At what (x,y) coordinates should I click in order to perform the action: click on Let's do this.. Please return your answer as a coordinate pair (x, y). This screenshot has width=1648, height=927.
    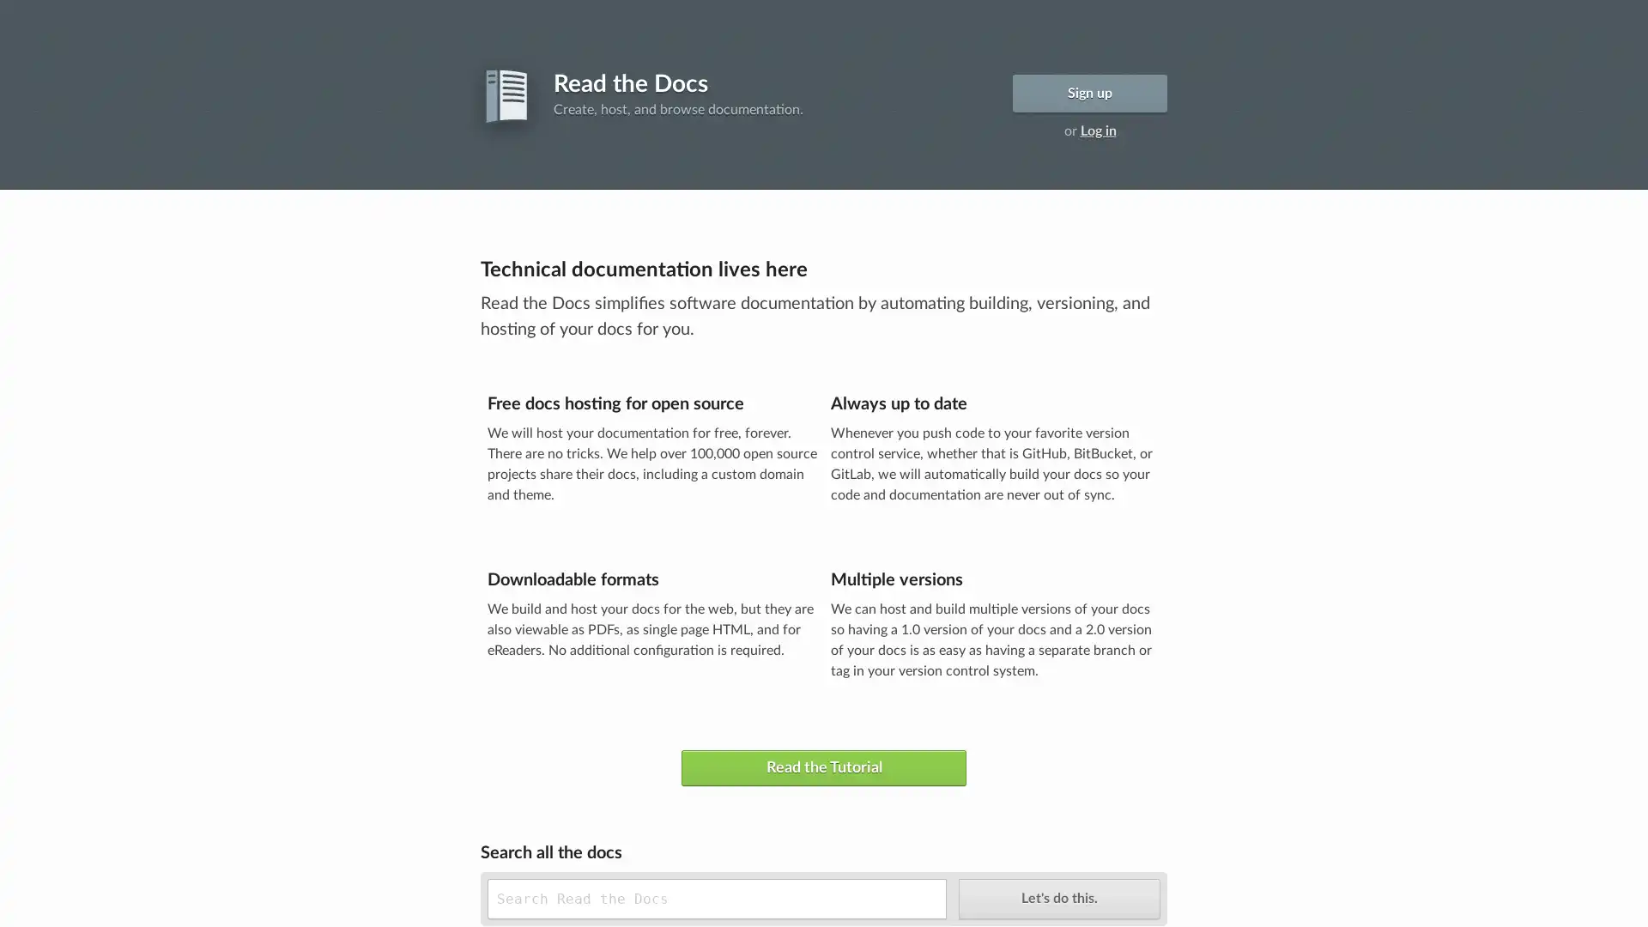
    Looking at the image, I should click on (1057, 897).